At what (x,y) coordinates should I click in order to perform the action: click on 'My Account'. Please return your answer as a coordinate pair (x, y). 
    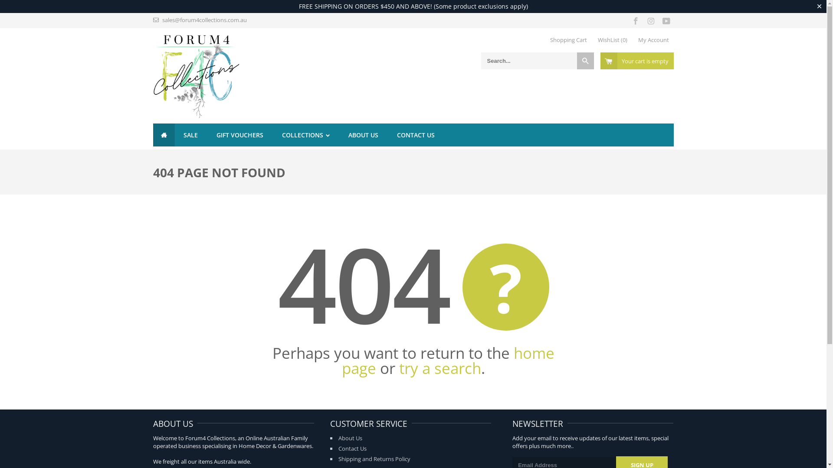
    Looking at the image, I should click on (653, 40).